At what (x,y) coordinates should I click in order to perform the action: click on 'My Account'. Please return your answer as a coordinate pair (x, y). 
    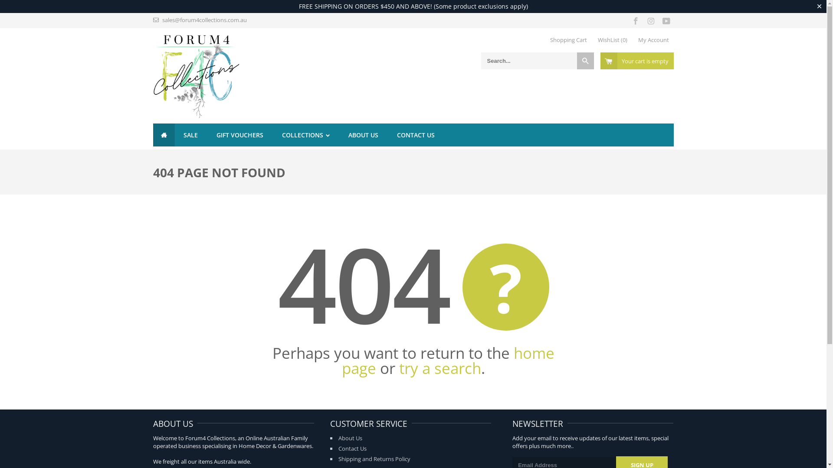
    Looking at the image, I should click on (653, 40).